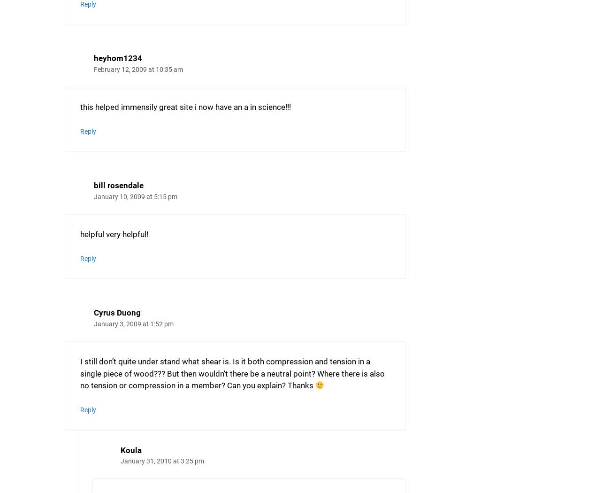 This screenshot has height=493, width=610. I want to click on 'February 12, 2009 at 10:35 am', so click(138, 69).